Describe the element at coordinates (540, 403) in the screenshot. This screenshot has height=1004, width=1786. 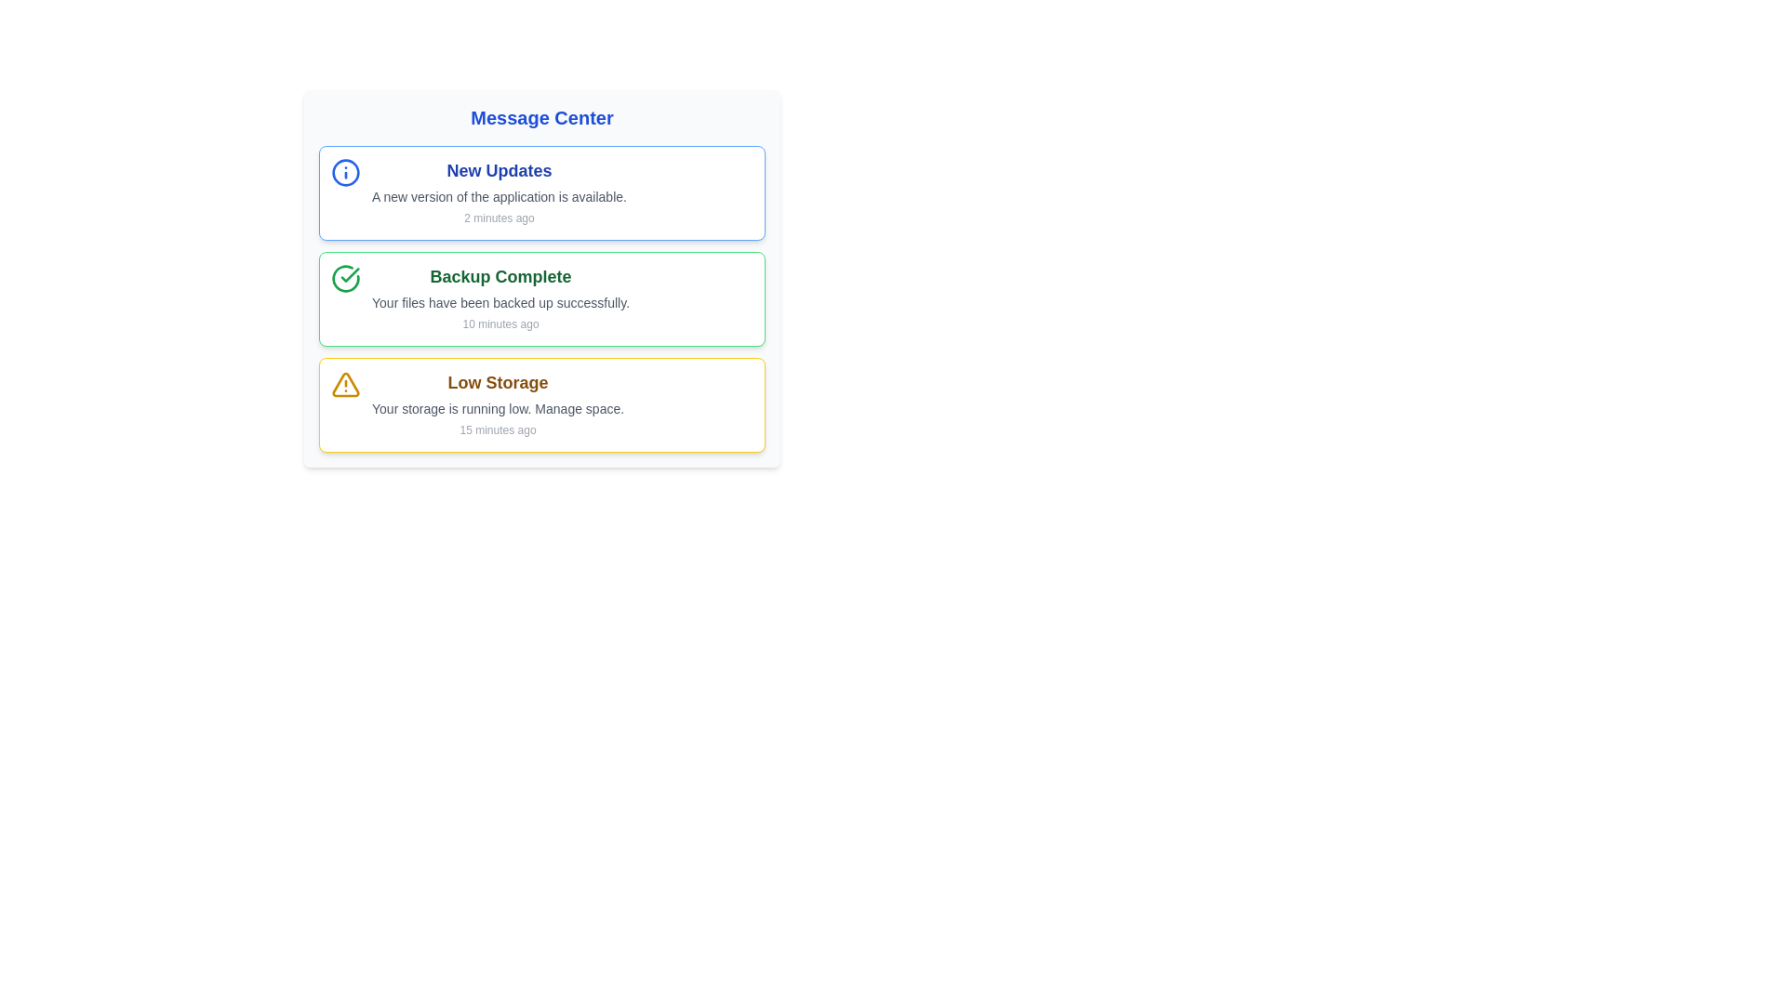
I see `details of the notification card that alerts the user about low storage, positioned as the third notification in a vertical stack beneath 'Backup Complete'` at that location.